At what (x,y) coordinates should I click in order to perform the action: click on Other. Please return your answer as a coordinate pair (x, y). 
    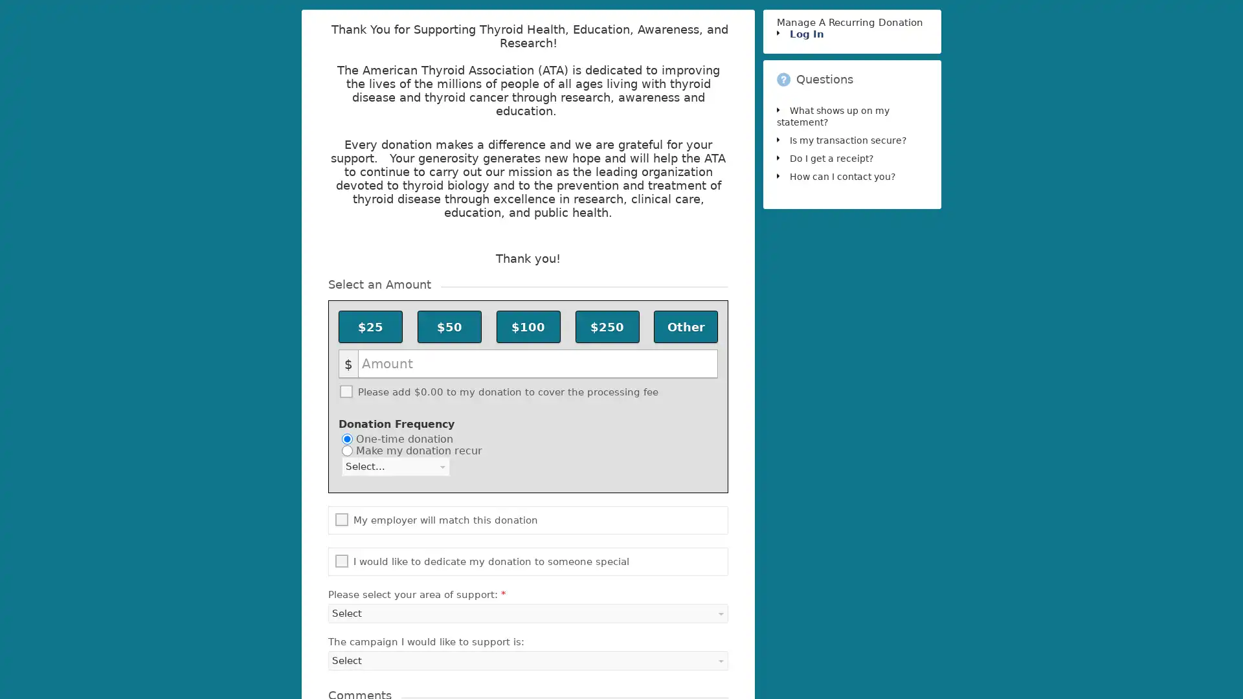
    Looking at the image, I should click on (685, 326).